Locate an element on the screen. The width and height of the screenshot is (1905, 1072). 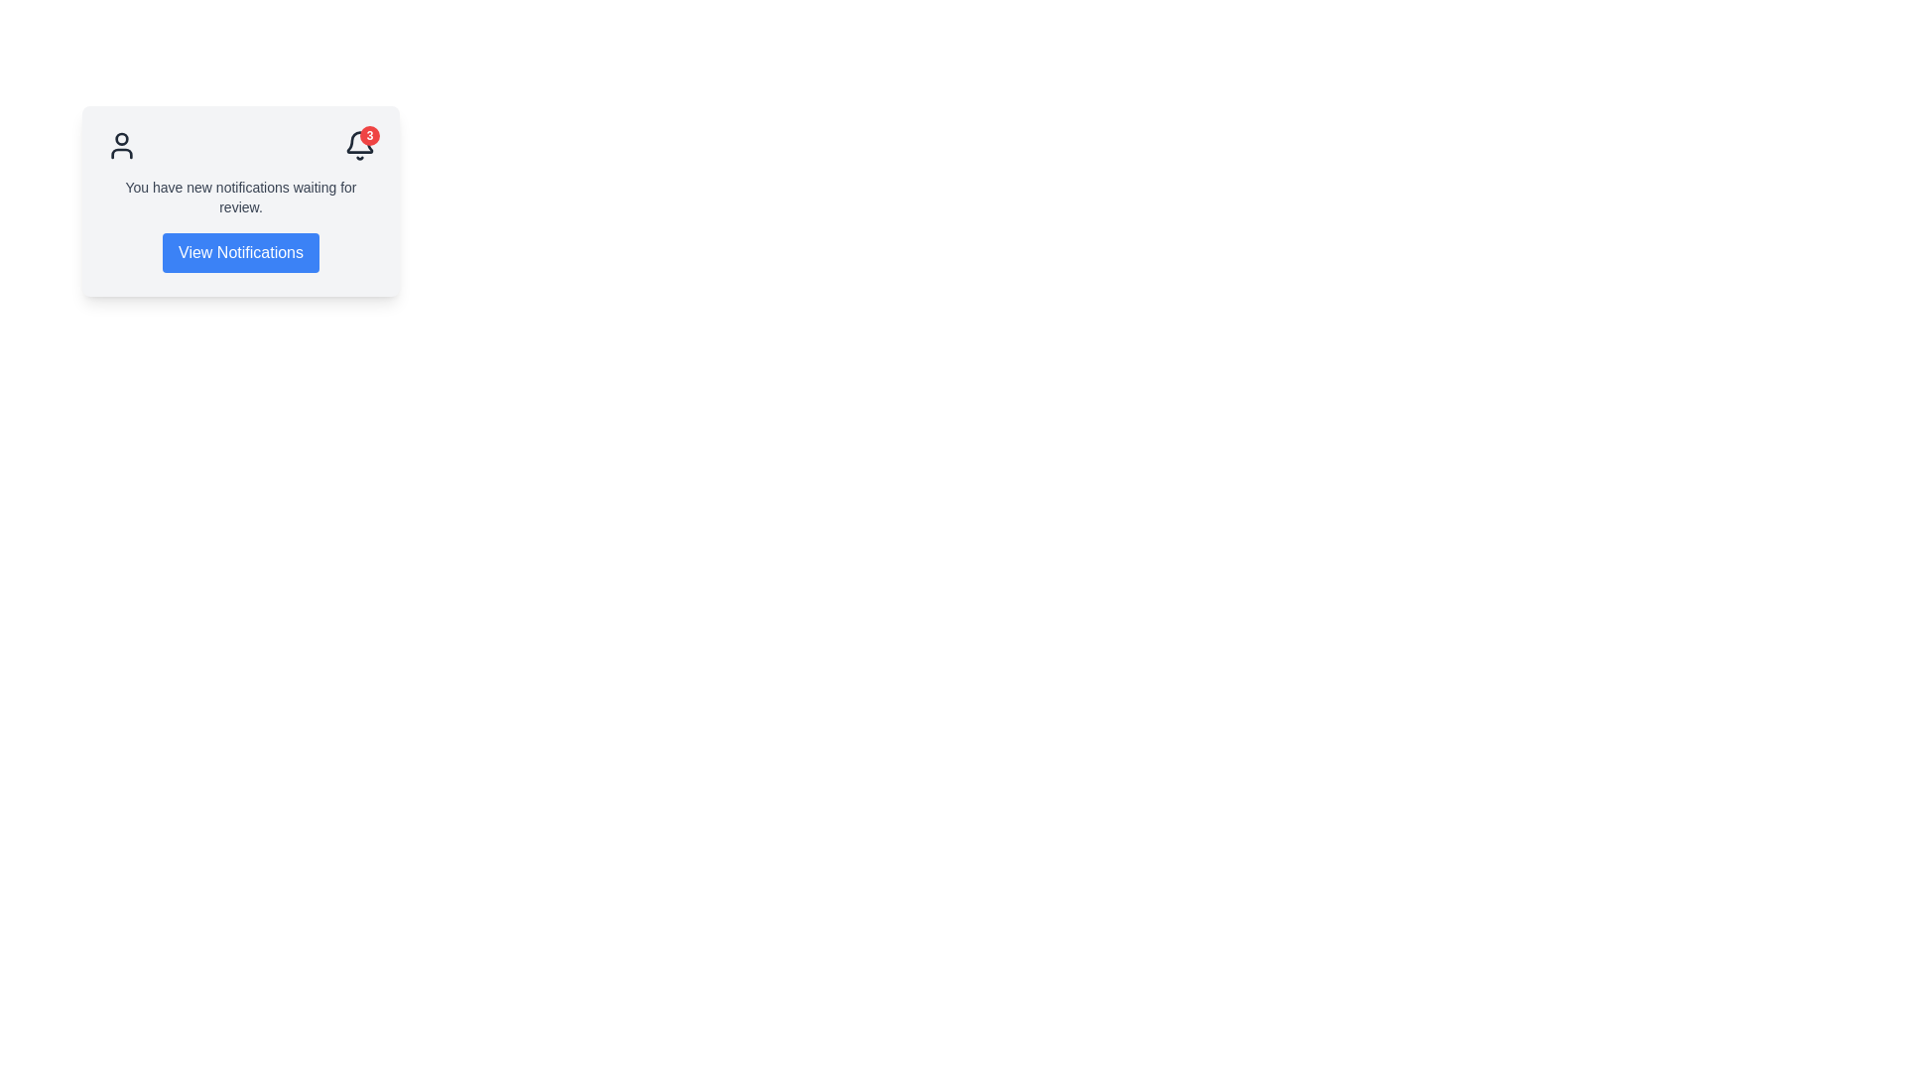
the user icon, which is a black outline SVG icon resembling a person, located at the top left of the notification card is located at coordinates (121, 144).